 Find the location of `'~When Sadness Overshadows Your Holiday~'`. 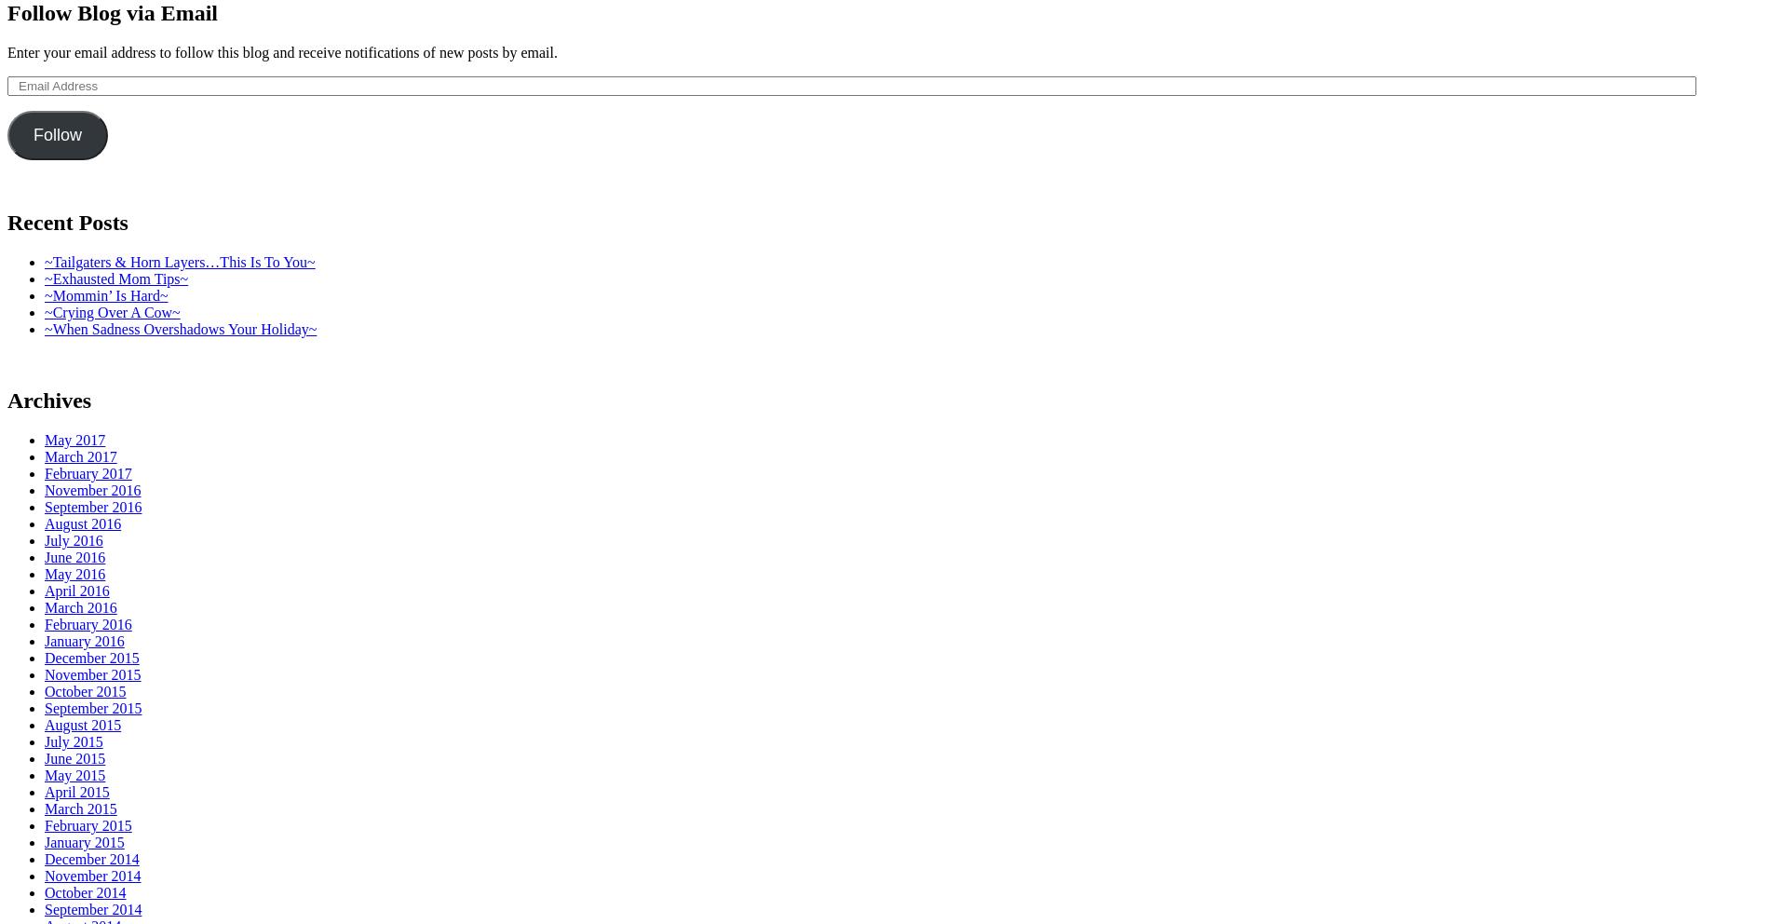

'~When Sadness Overshadows Your Holiday~' is located at coordinates (180, 328).